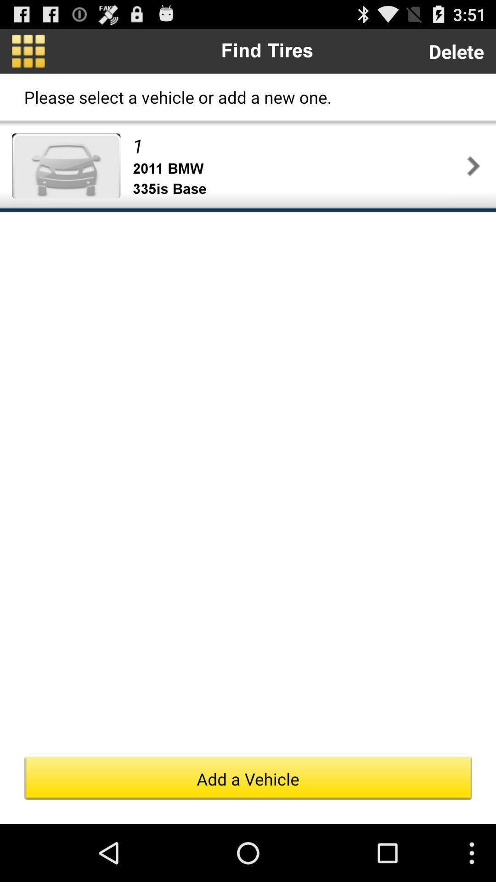  I want to click on item below 2011 bmw, so click(298, 189).